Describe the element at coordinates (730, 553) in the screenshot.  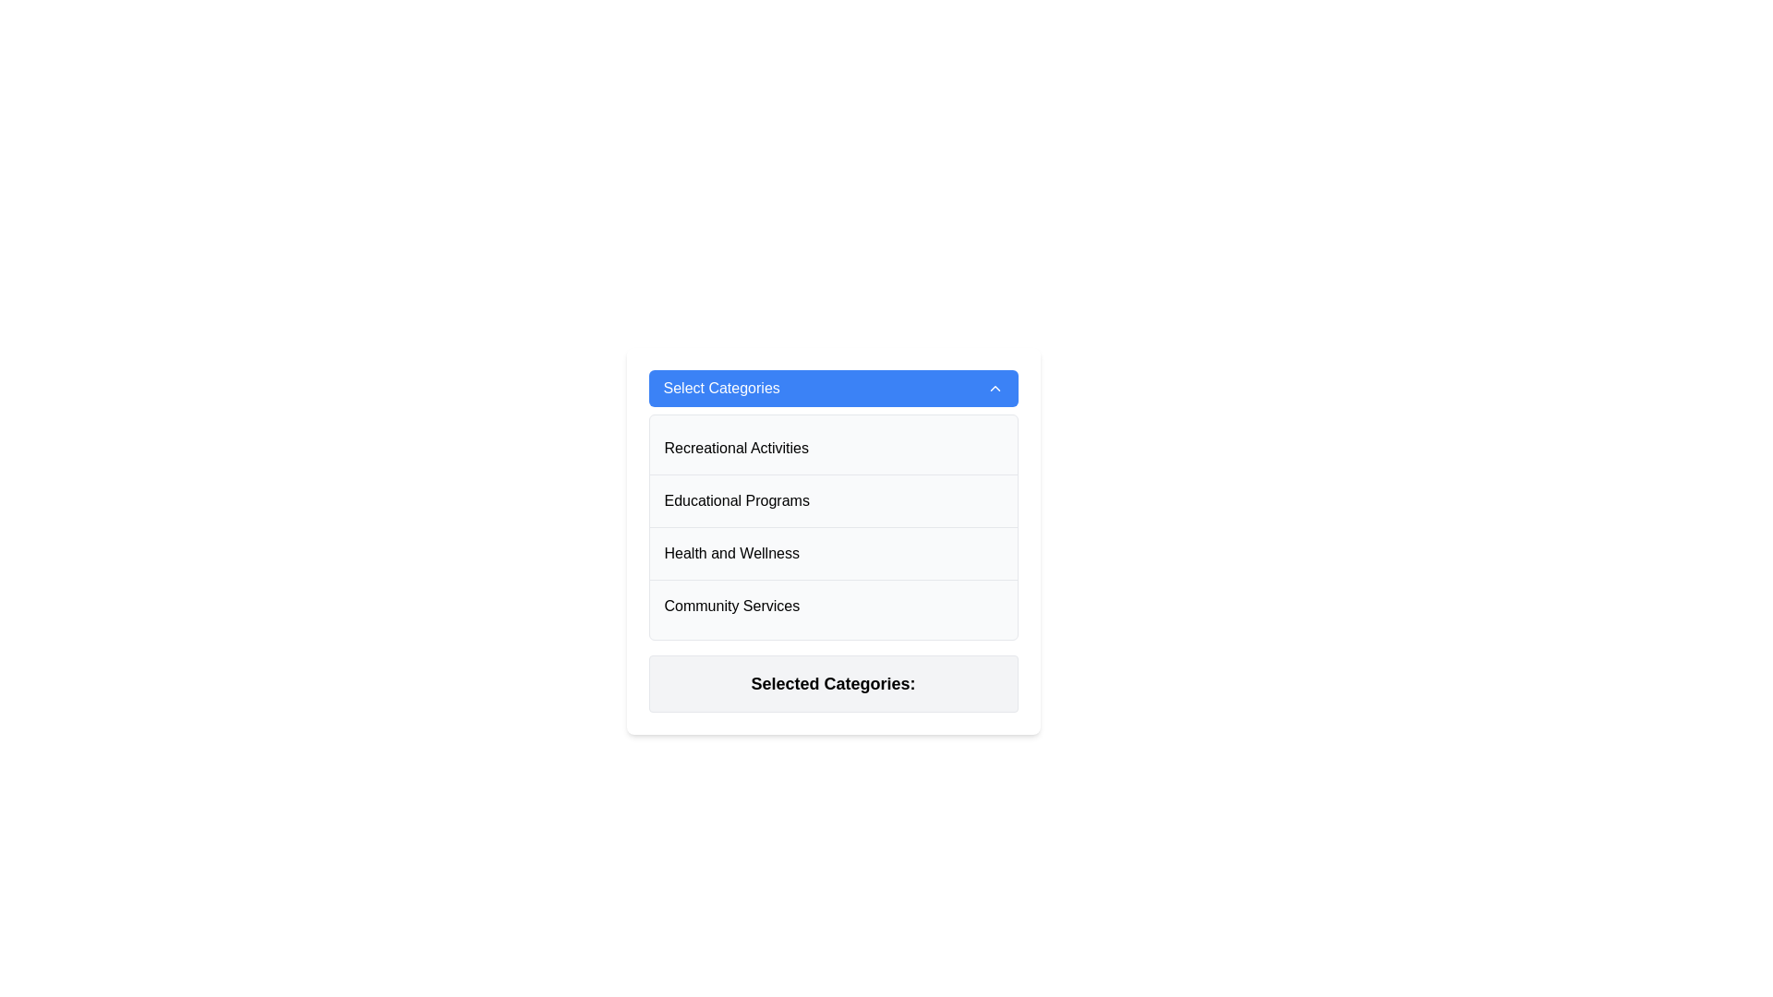
I see `the 'Health and Wellness' text element in the dropdown list for interaction feedback` at that location.